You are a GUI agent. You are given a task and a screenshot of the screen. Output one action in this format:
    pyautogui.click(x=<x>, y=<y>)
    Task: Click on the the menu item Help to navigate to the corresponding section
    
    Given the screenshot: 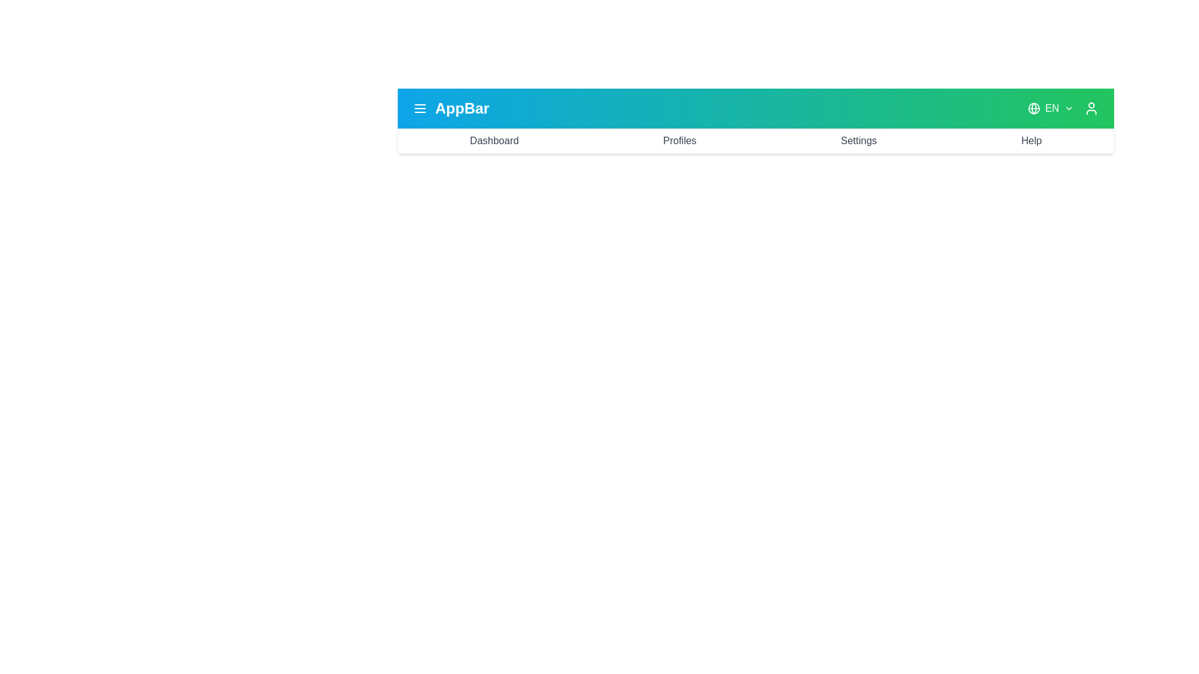 What is the action you would take?
    pyautogui.click(x=1031, y=140)
    